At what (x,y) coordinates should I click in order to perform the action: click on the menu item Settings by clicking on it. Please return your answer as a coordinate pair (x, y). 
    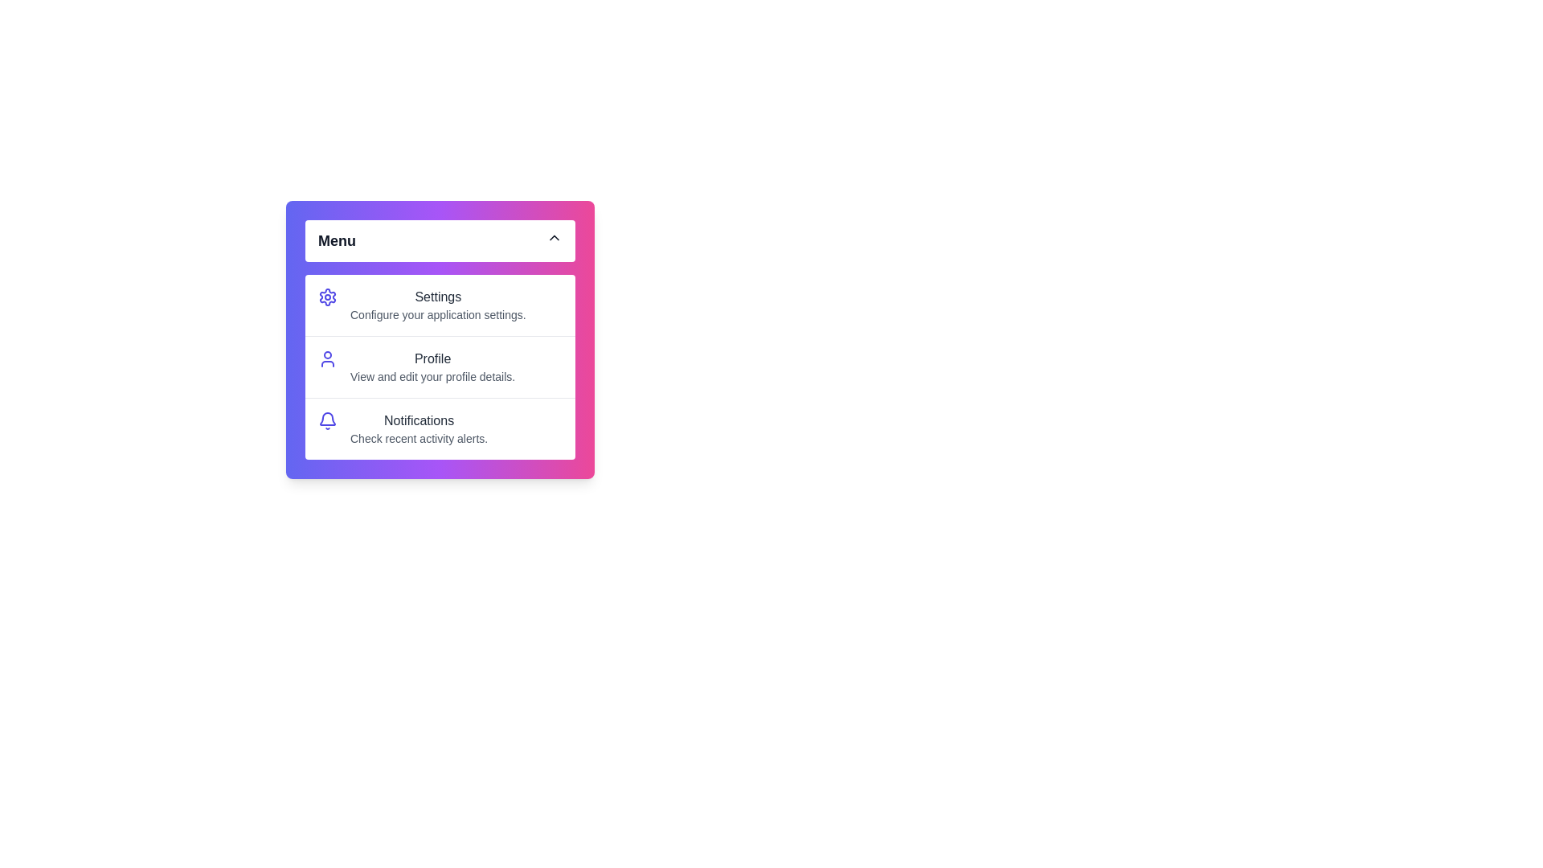
    Looking at the image, I should click on (440, 305).